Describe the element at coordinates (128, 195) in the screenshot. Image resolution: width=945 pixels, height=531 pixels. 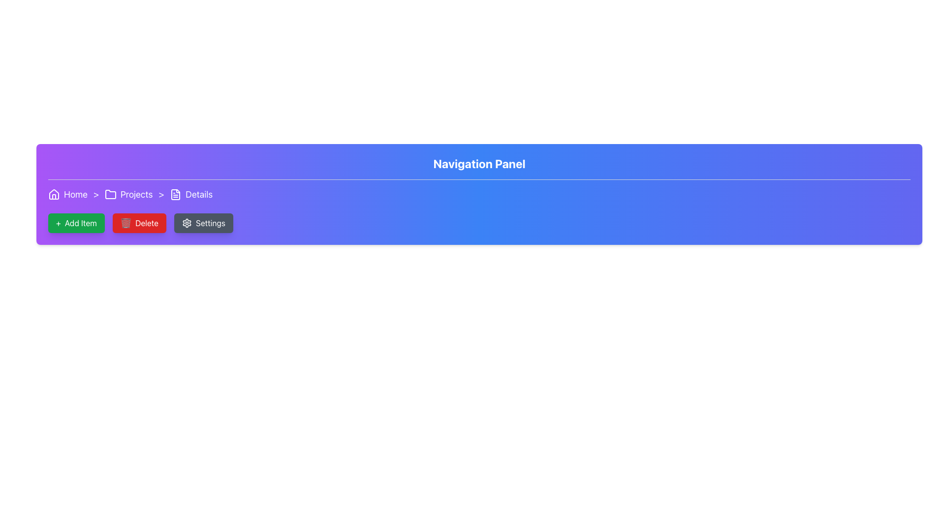
I see `the breadcrumb label with the text 'Projects'` at that location.